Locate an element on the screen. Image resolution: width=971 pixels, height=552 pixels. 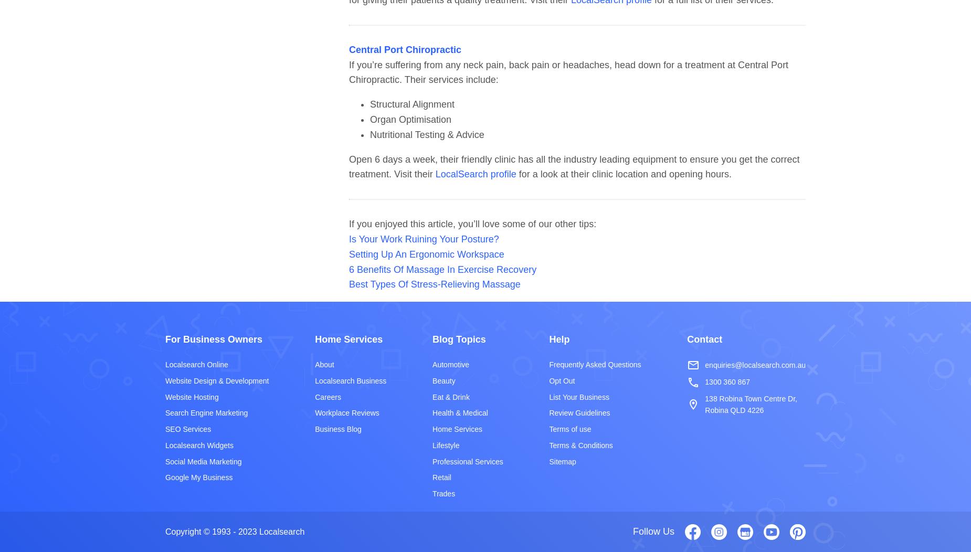
'If you’re suffering from any neck pain, back pain or headaches, head down for a treatment at Central Port Chiropractic. Their services include:' is located at coordinates (348, 71).